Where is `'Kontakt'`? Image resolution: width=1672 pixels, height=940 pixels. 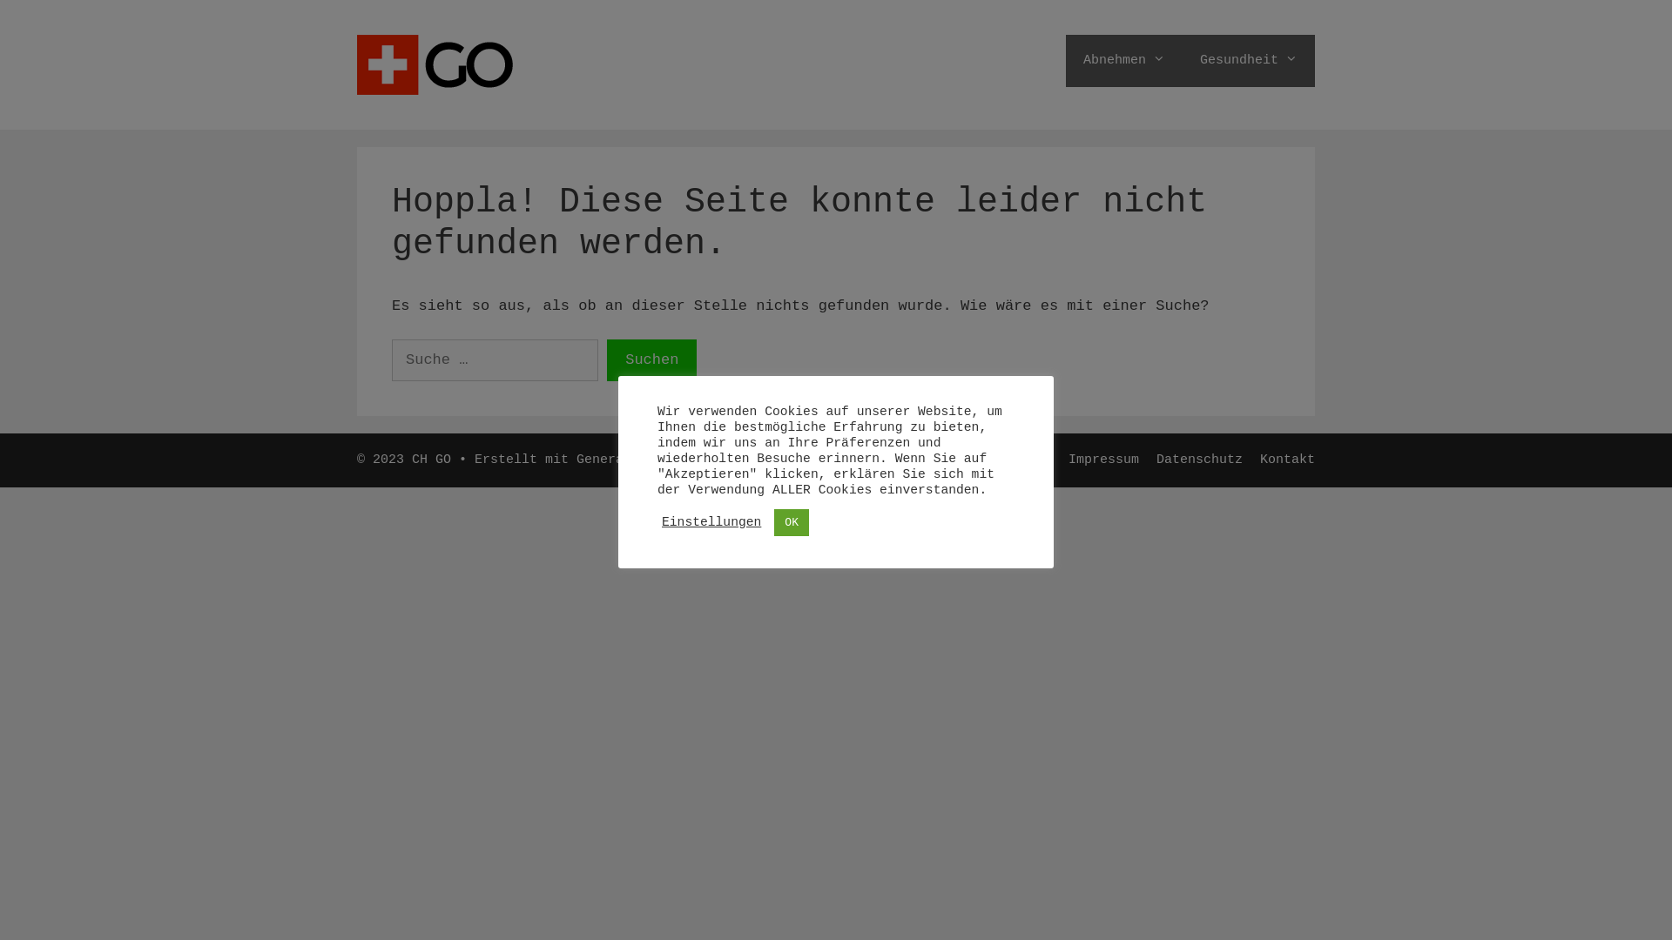 'Kontakt' is located at coordinates (1259, 459).